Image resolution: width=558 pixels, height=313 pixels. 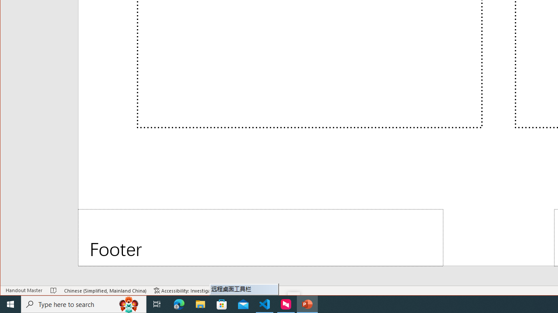 I want to click on 'Search highlights icon opens search home window', so click(x=128, y=303).